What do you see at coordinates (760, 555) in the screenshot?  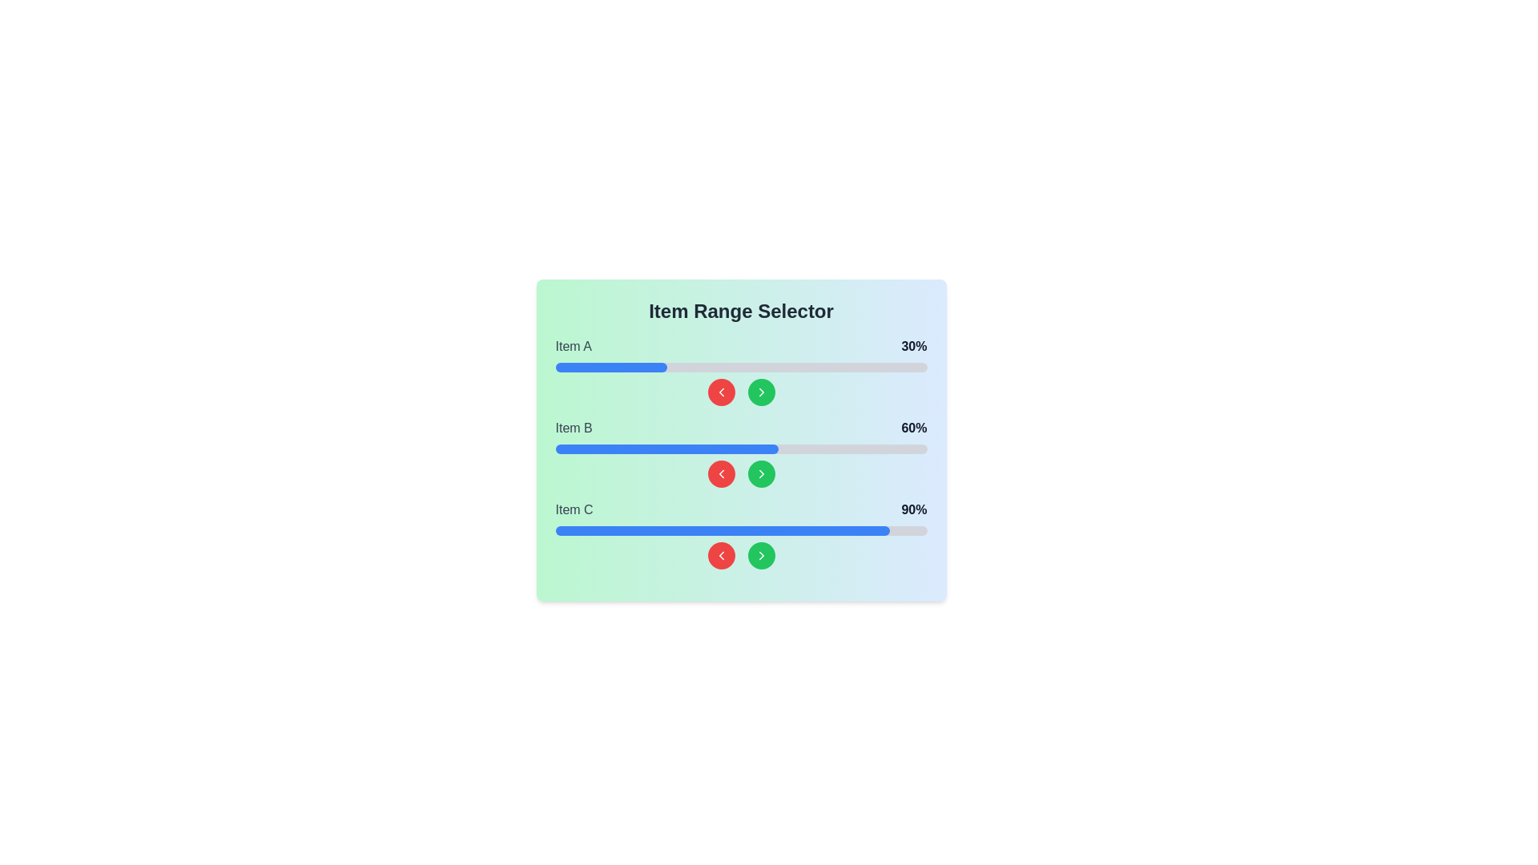 I see `the circular green button with a white 'chevron right' icon to increment the value or navigate forward in the 'Item Range Selector' section` at bounding box center [760, 555].